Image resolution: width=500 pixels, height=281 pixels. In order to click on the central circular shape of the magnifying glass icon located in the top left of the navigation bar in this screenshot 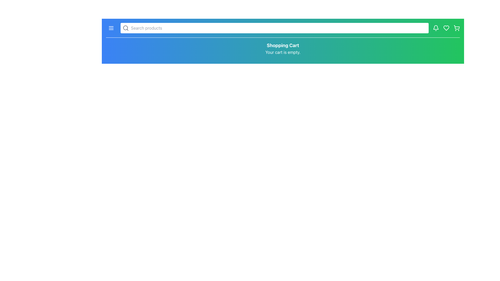, I will do `click(125, 28)`.